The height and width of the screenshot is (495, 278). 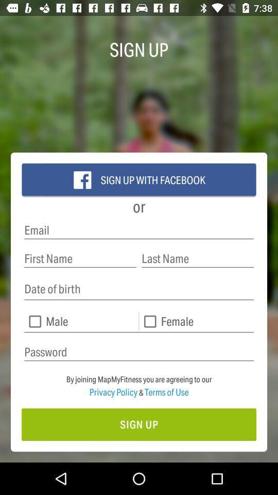 What do you see at coordinates (139, 352) in the screenshot?
I see `password` at bounding box center [139, 352].